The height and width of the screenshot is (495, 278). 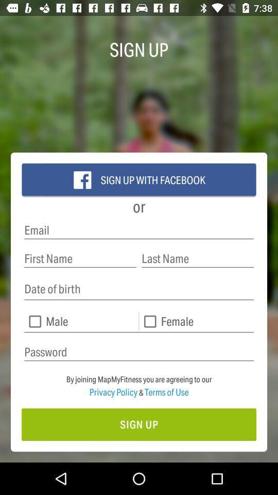 What do you see at coordinates (139, 352) in the screenshot?
I see `password` at bounding box center [139, 352].